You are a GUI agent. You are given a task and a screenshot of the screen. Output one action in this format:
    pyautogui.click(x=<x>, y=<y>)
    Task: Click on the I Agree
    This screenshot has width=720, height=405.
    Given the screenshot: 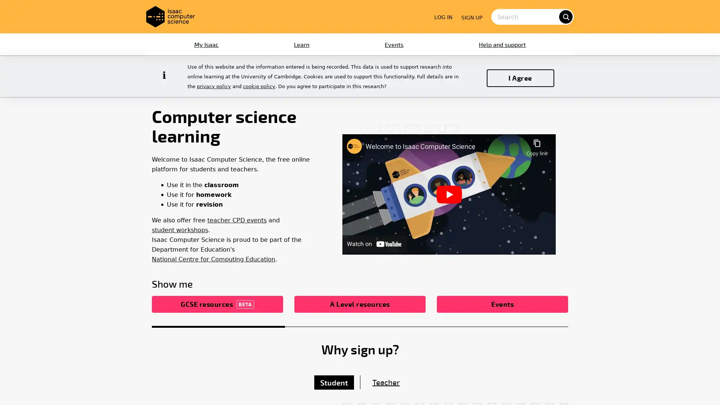 What is the action you would take?
    pyautogui.click(x=520, y=78)
    